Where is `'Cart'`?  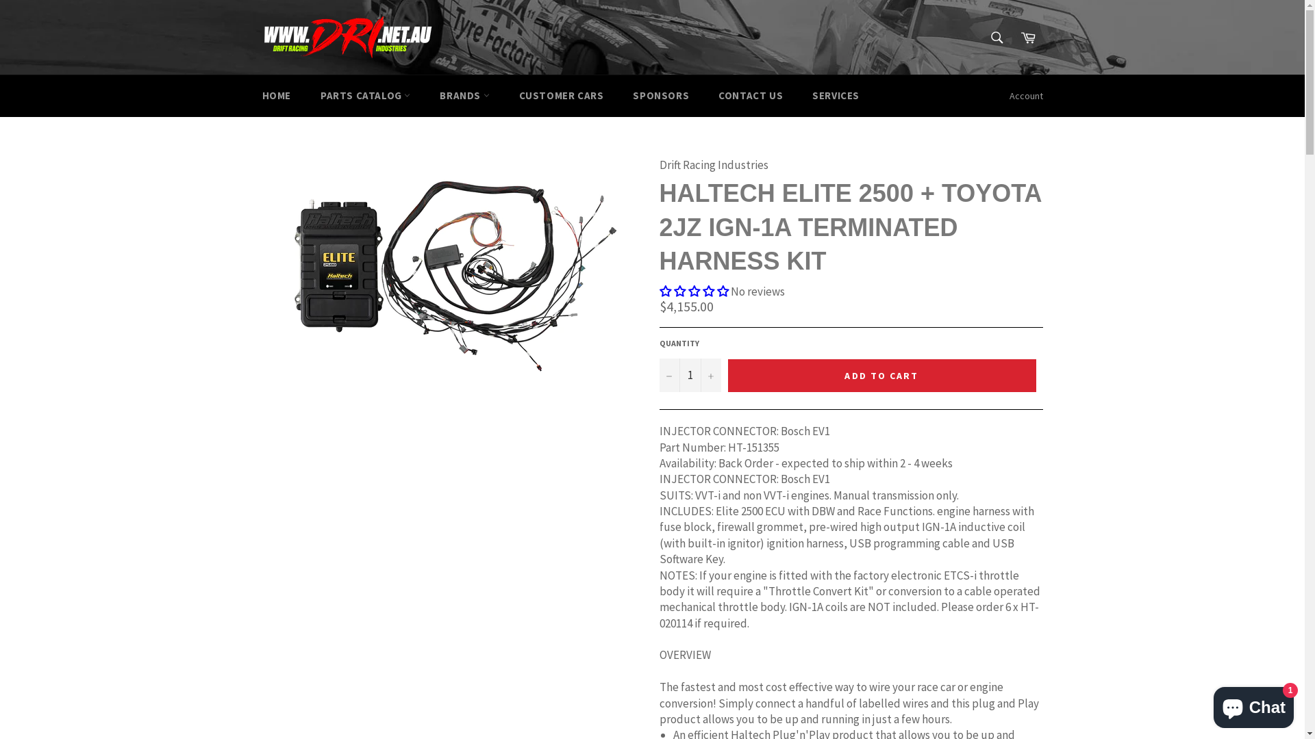 'Cart' is located at coordinates (1028, 36).